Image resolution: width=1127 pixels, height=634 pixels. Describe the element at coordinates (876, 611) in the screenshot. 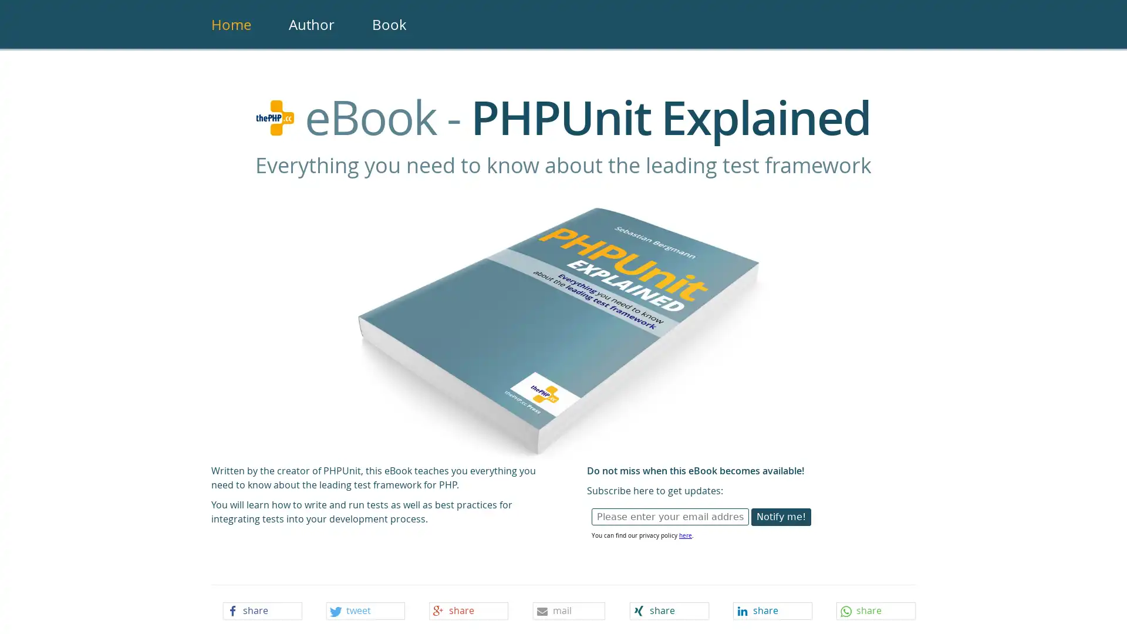

I see `Share on Whatsapp` at that location.